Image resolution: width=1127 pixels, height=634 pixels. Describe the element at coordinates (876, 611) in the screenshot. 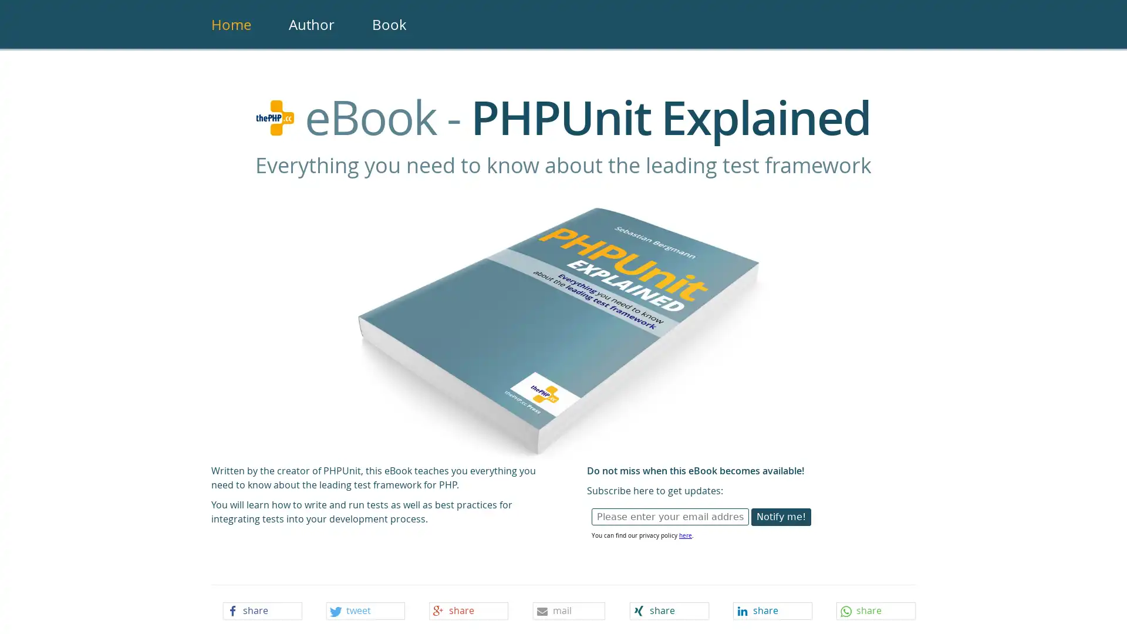

I see `Share on Whatsapp` at that location.